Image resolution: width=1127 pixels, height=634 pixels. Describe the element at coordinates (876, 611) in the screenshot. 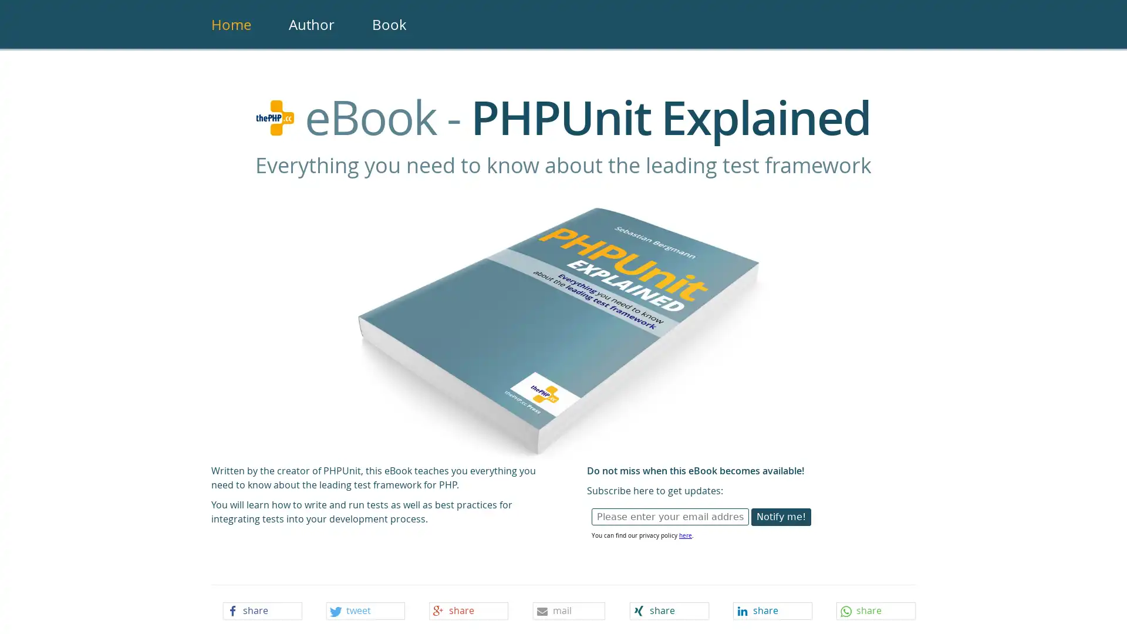

I see `Share on Whatsapp` at that location.